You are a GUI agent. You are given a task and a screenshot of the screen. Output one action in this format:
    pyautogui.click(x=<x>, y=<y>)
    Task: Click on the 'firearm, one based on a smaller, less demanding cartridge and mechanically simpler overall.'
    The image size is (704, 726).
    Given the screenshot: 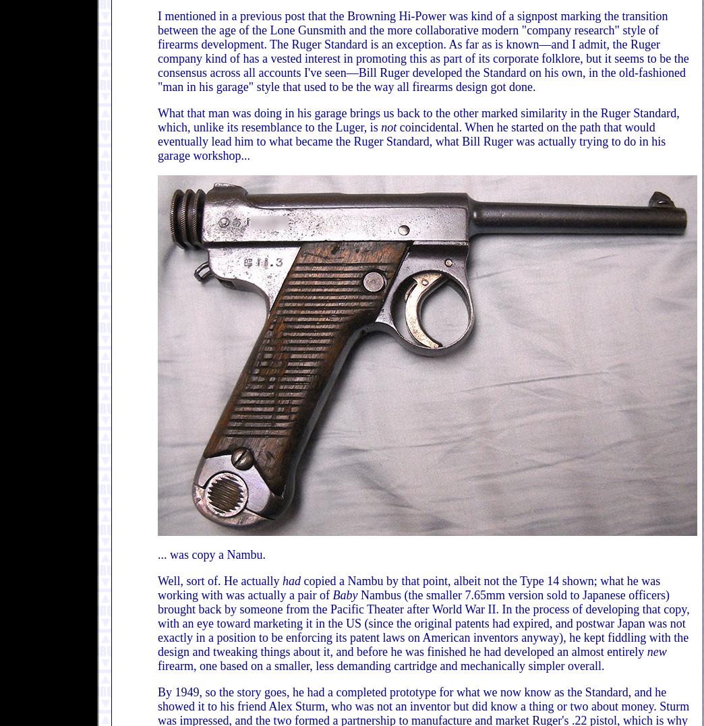 What is the action you would take?
    pyautogui.click(x=380, y=666)
    